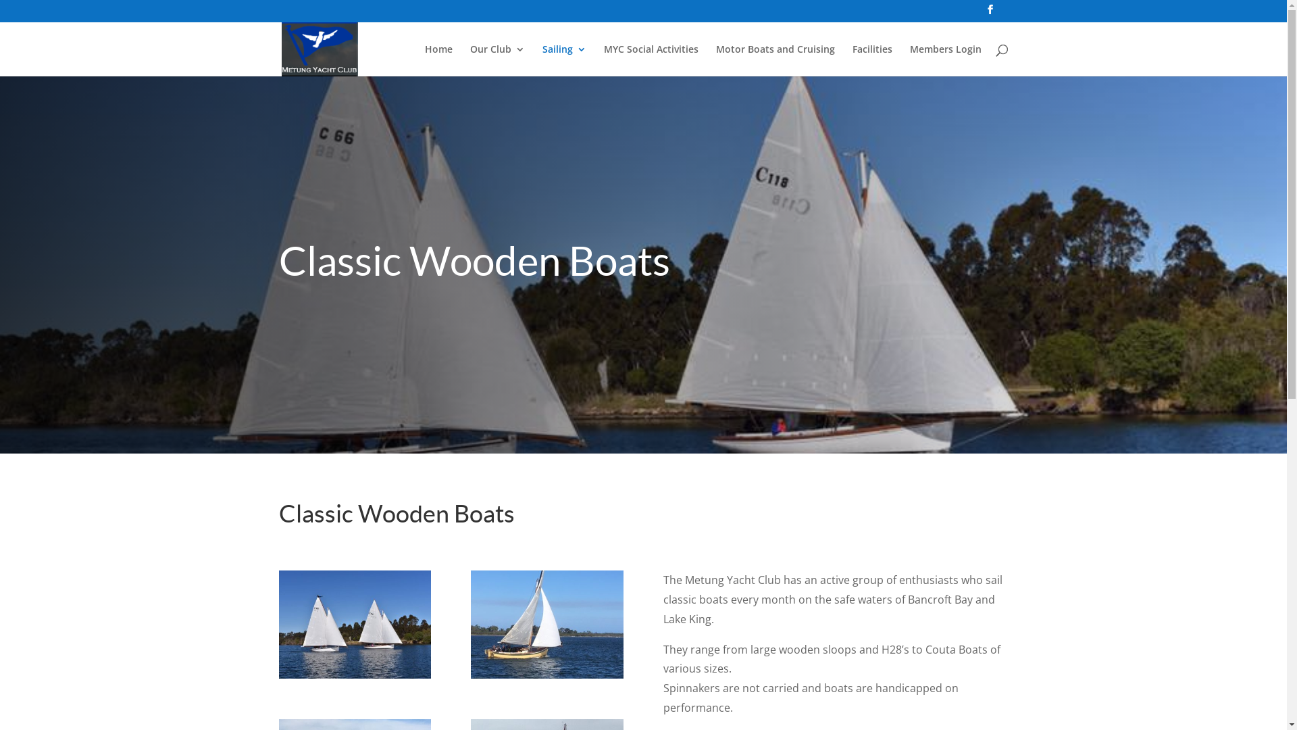 This screenshot has width=1297, height=730. I want to click on 'Sailing', so click(563, 59).